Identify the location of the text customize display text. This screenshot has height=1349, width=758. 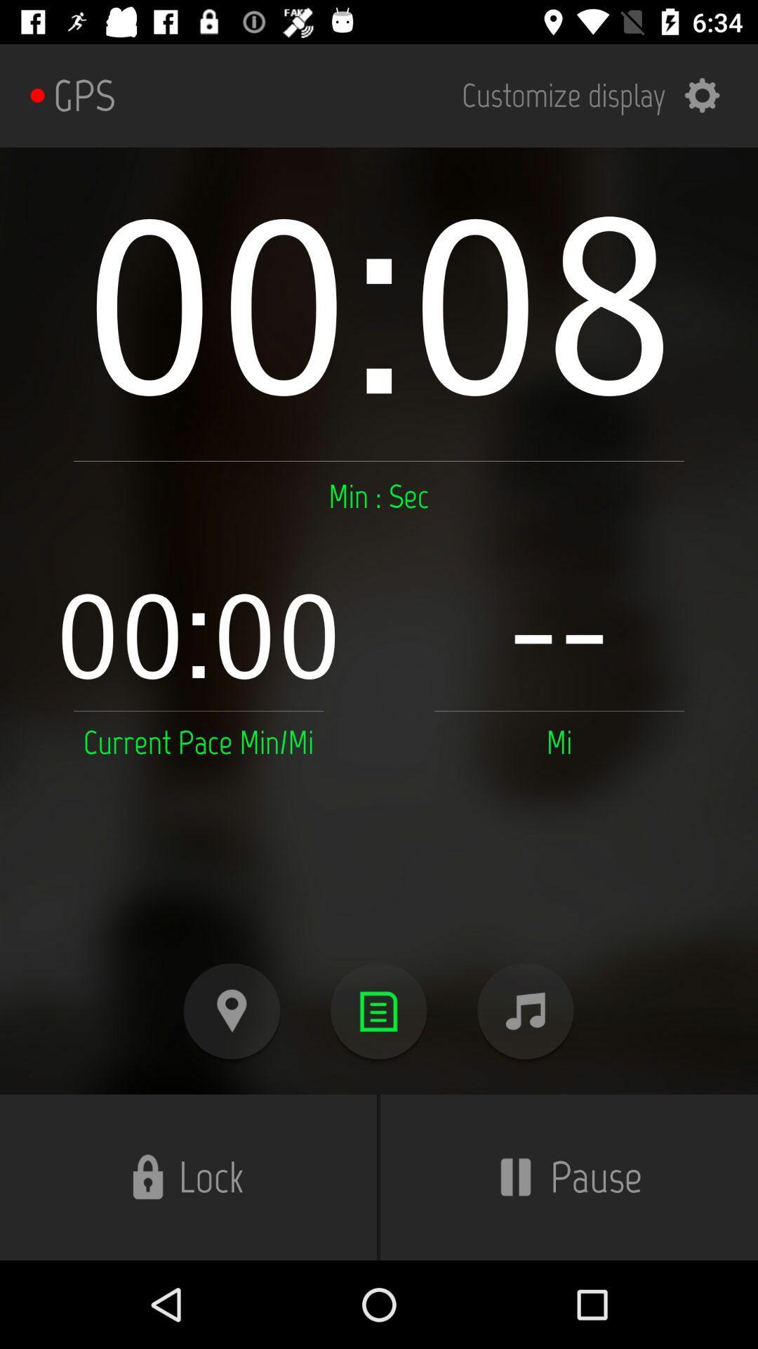
(600, 95).